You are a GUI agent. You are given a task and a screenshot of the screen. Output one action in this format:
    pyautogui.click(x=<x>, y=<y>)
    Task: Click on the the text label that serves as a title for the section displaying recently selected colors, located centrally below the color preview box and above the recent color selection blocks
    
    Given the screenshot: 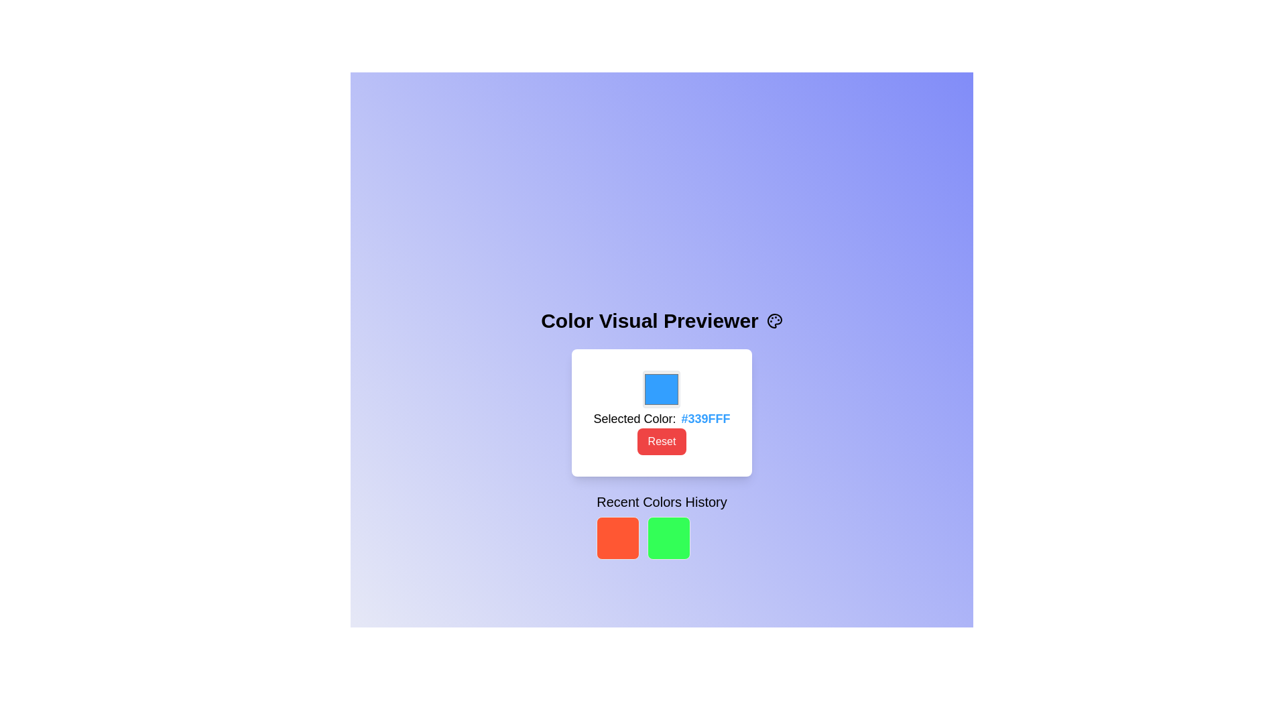 What is the action you would take?
    pyautogui.click(x=662, y=501)
    